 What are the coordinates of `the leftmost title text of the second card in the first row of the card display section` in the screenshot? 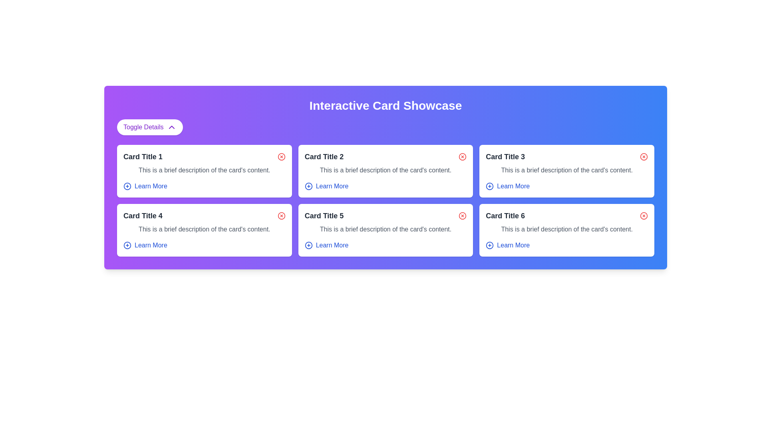 It's located at (324, 157).